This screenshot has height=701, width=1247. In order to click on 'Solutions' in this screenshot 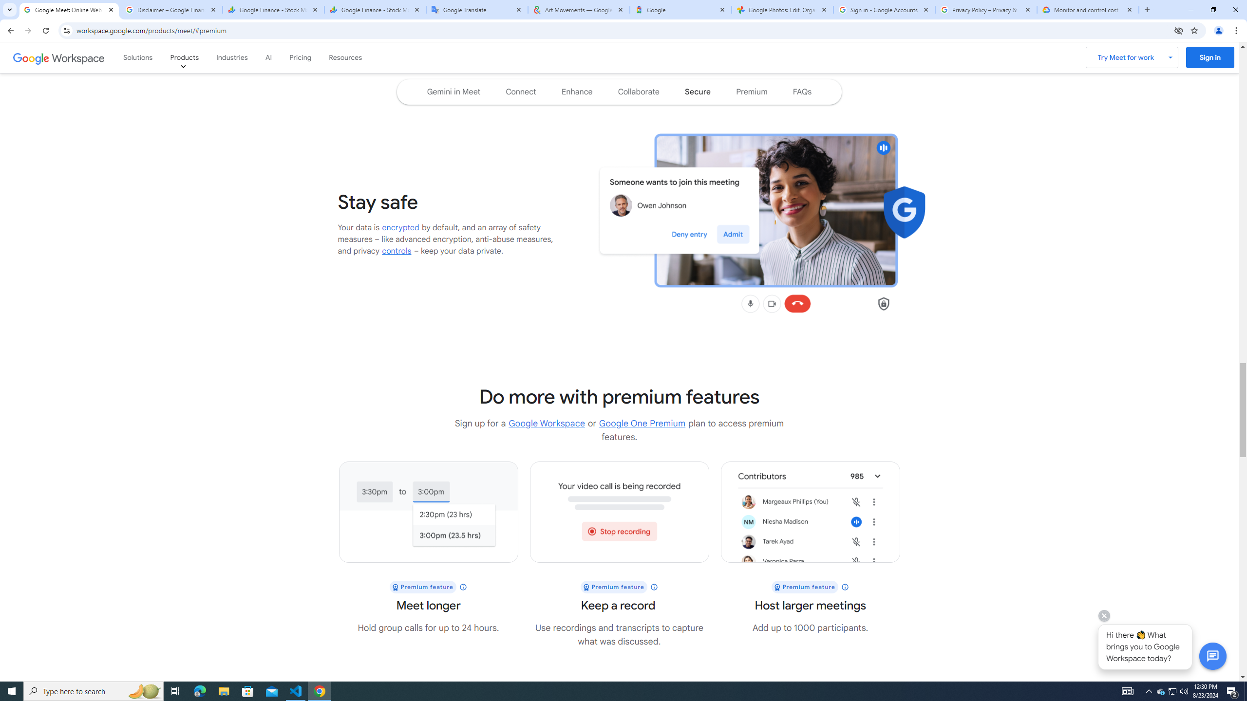, I will do `click(138, 57)`.